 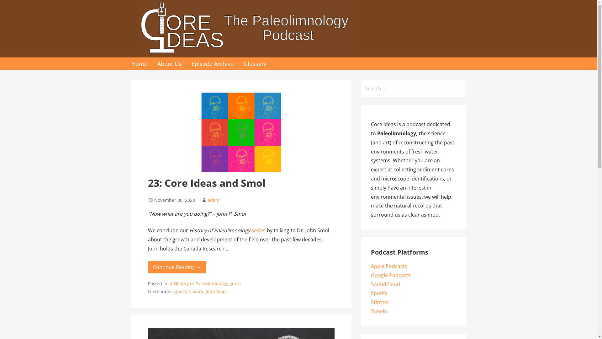 What do you see at coordinates (380, 302) in the screenshot?
I see `'Stitcher'` at bounding box center [380, 302].